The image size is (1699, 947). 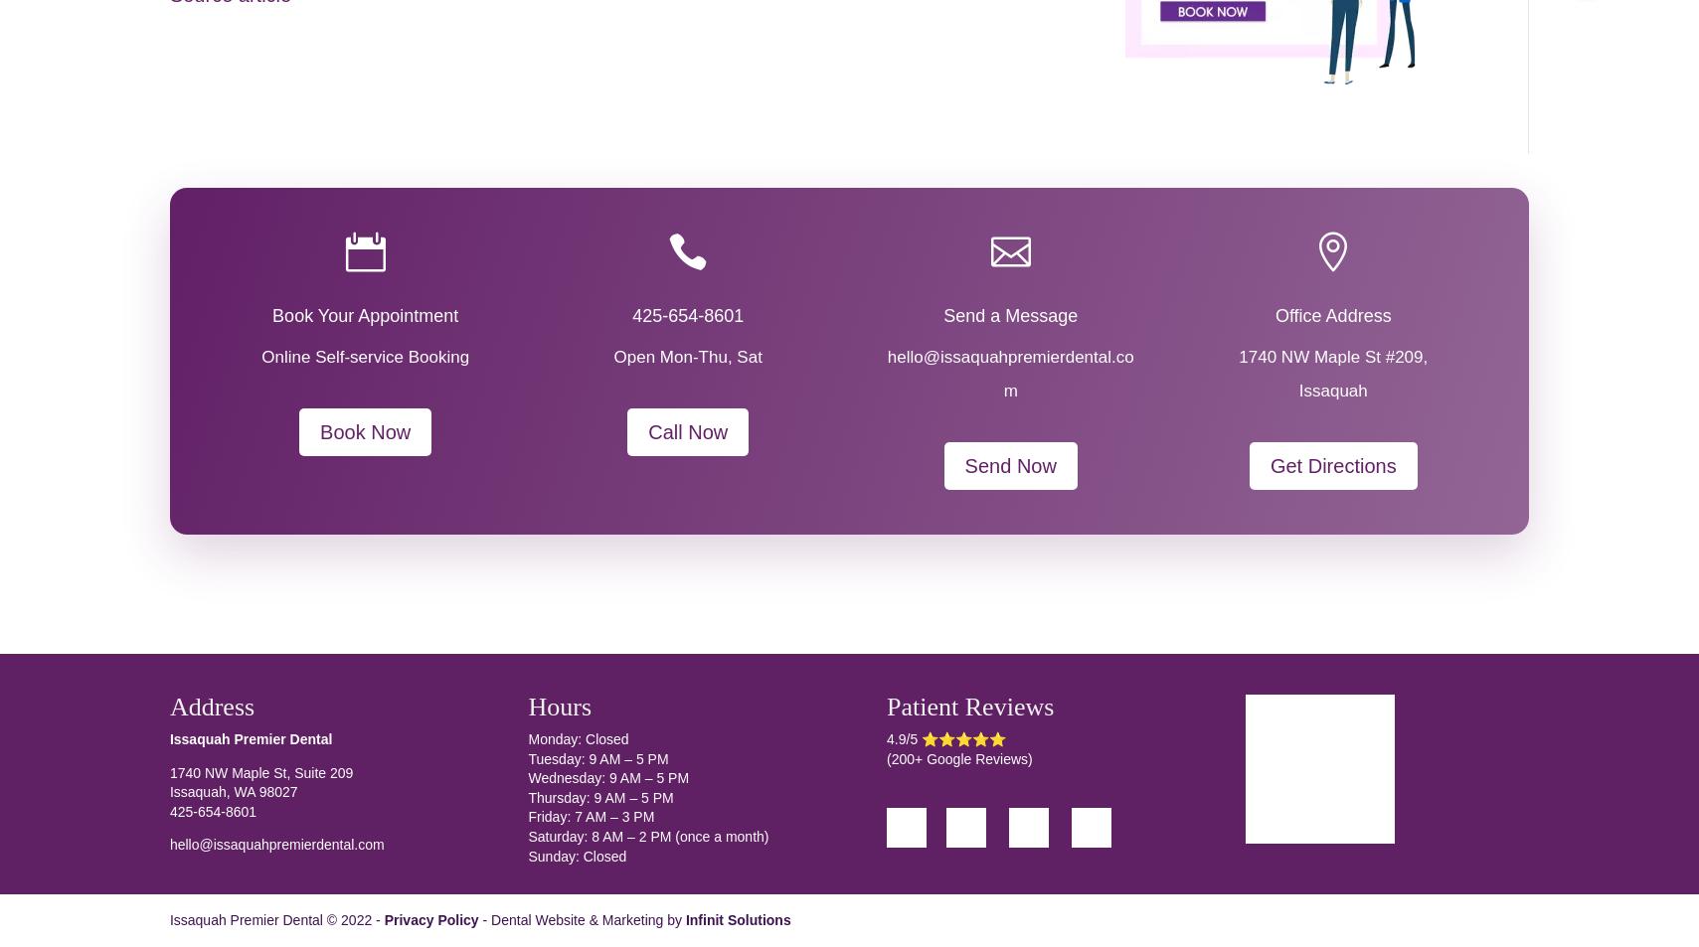 What do you see at coordinates (250, 739) in the screenshot?
I see `'Issaquah Premier Dental'` at bounding box center [250, 739].